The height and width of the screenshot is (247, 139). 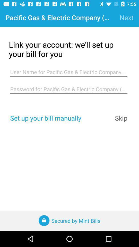 I want to click on line to enter login, so click(x=69, y=72).